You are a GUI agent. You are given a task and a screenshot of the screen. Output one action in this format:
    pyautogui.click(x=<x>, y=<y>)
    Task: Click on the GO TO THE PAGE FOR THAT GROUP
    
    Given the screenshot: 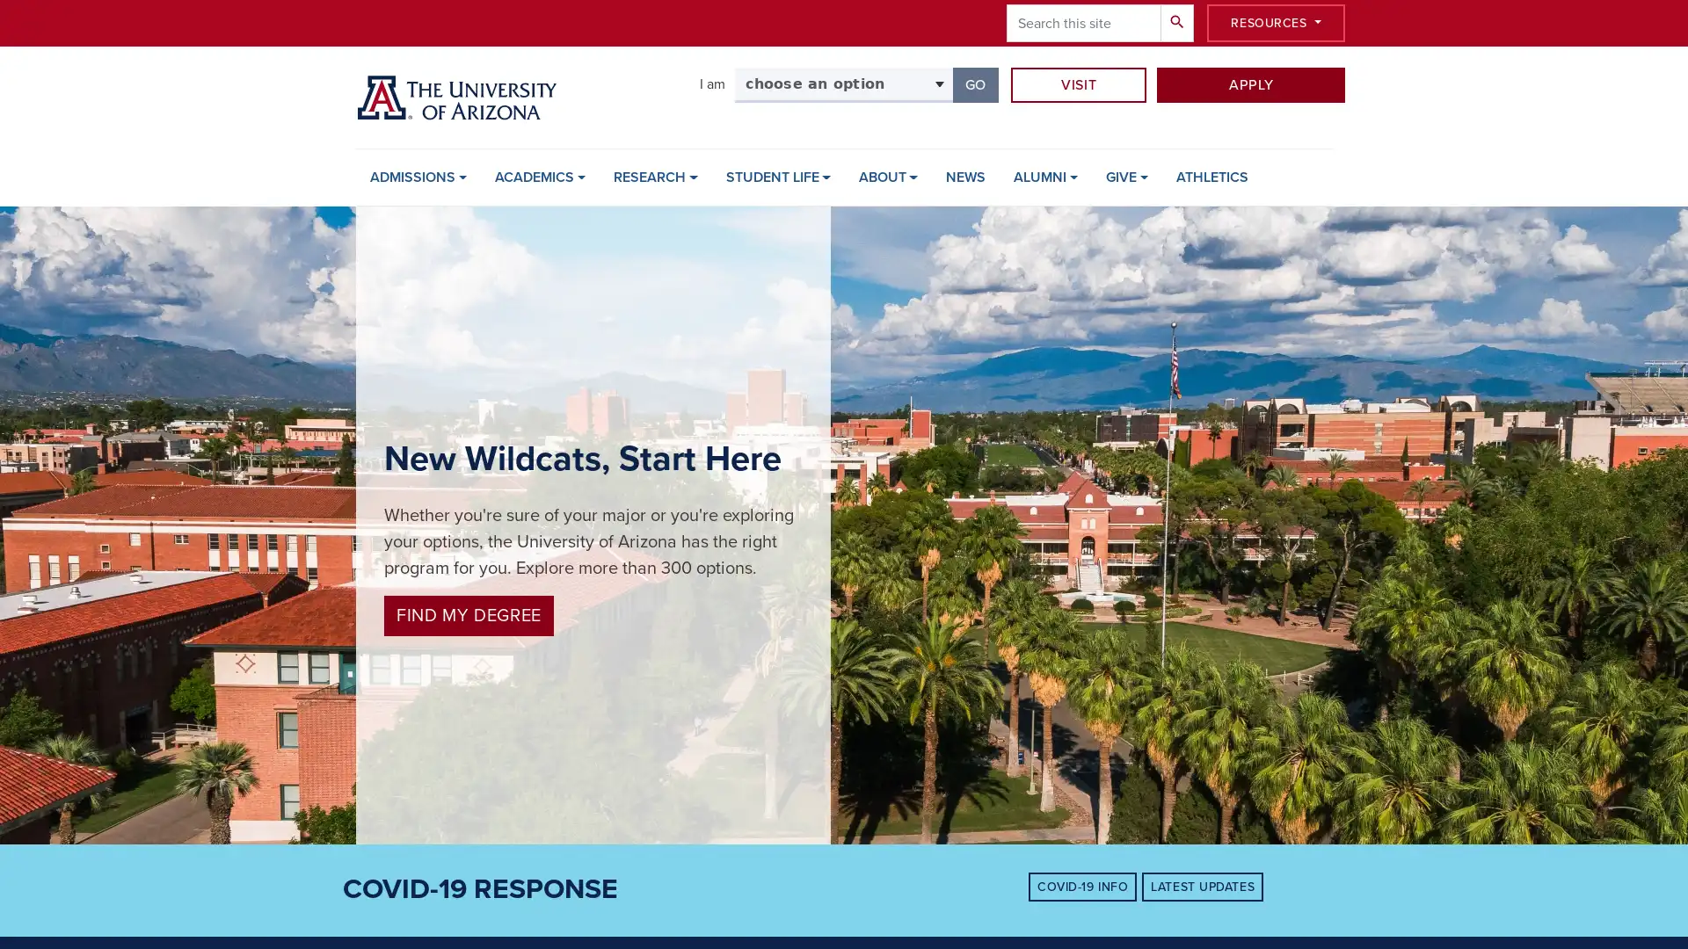 What is the action you would take?
    pyautogui.click(x=974, y=84)
    